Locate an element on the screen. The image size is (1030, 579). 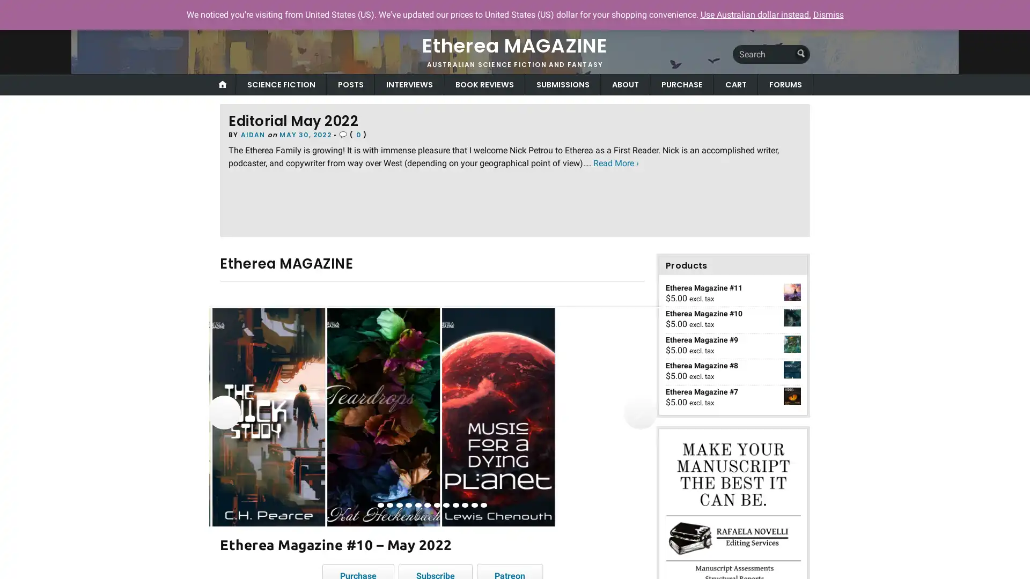
view image 11 of 12 in carousel is located at coordinates (473, 504).